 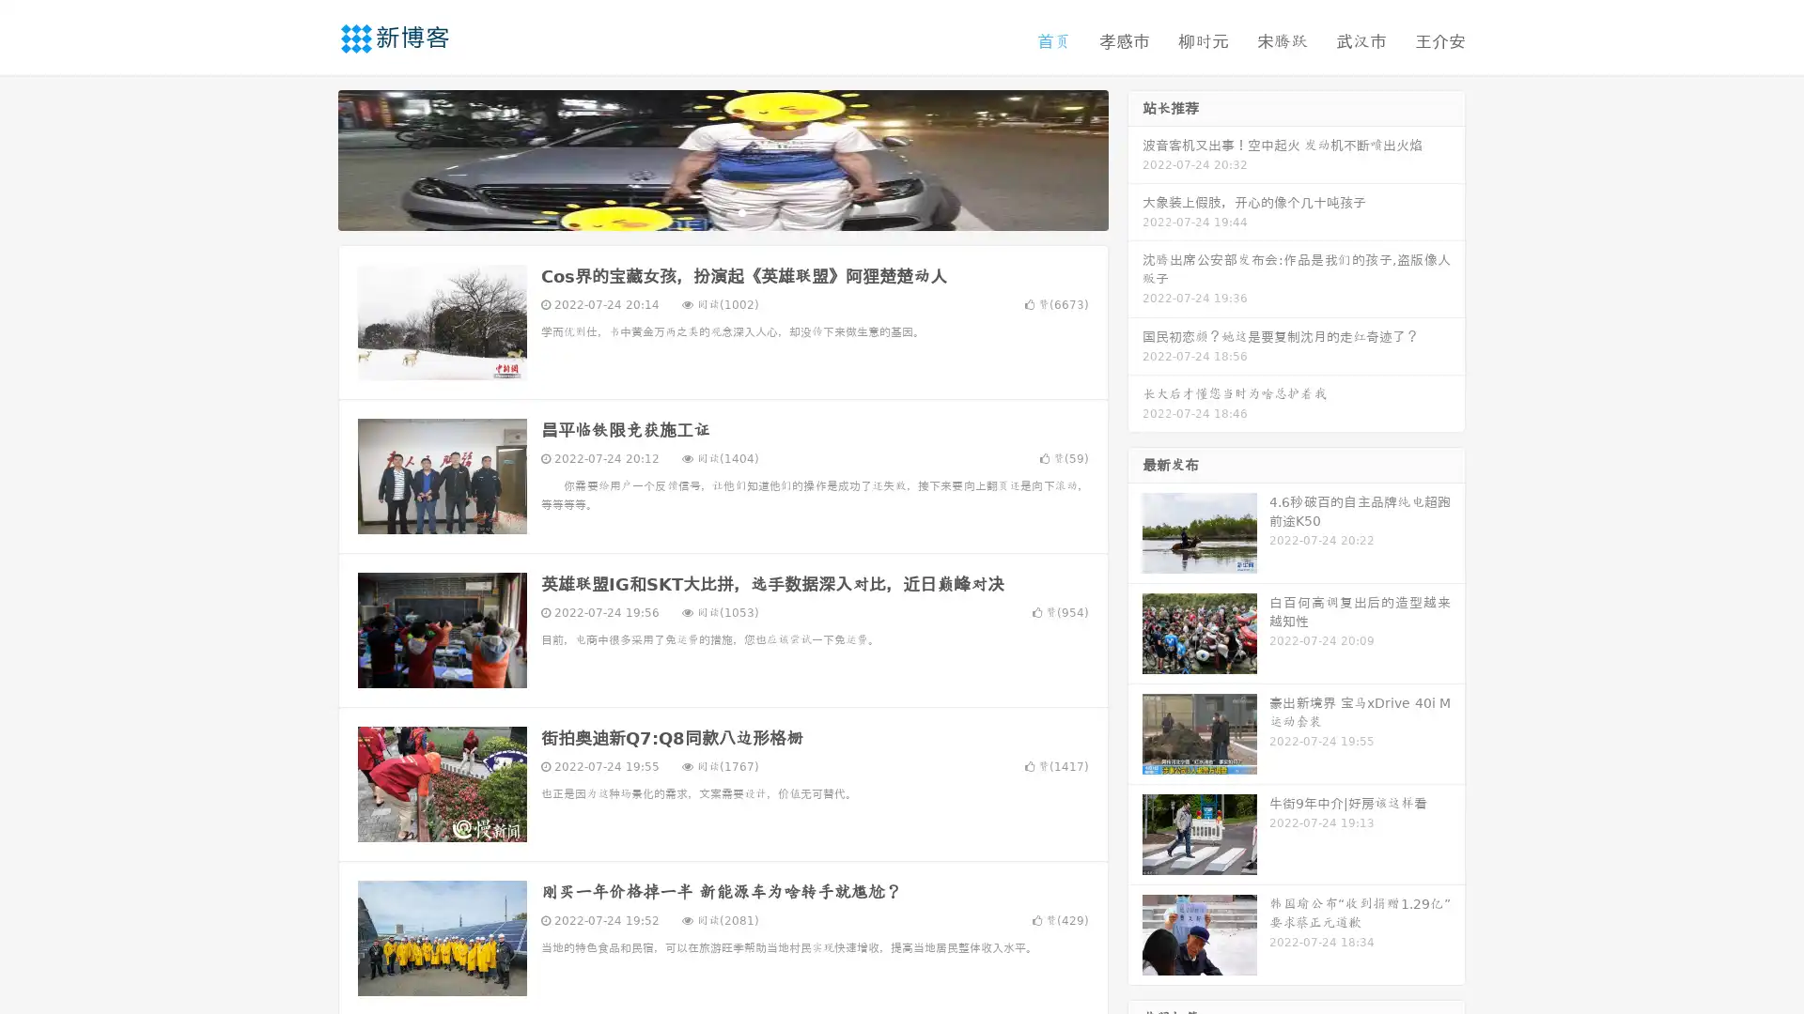 I want to click on Go to slide 1, so click(x=703, y=211).